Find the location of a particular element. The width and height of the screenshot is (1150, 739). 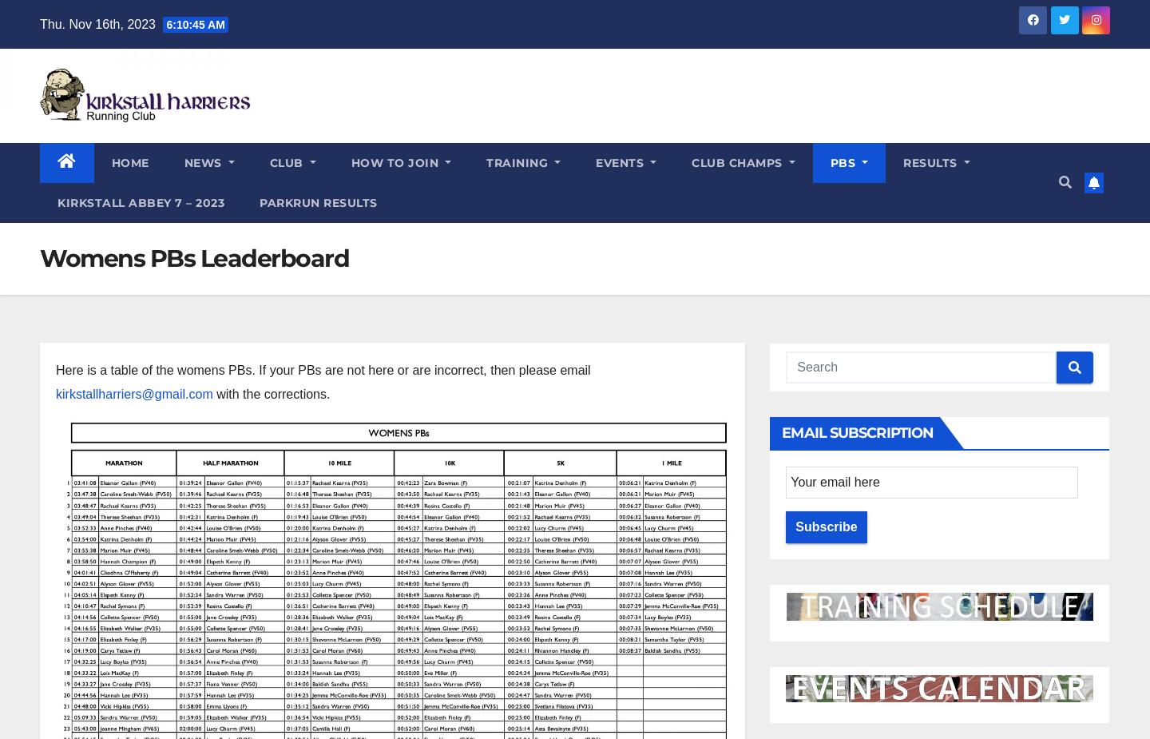

'Email Subscription' is located at coordinates (857, 432).